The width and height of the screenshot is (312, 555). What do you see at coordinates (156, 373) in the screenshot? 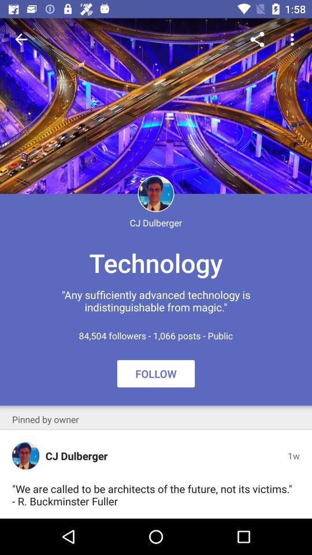
I see `item below 84 504 followers icon` at bounding box center [156, 373].